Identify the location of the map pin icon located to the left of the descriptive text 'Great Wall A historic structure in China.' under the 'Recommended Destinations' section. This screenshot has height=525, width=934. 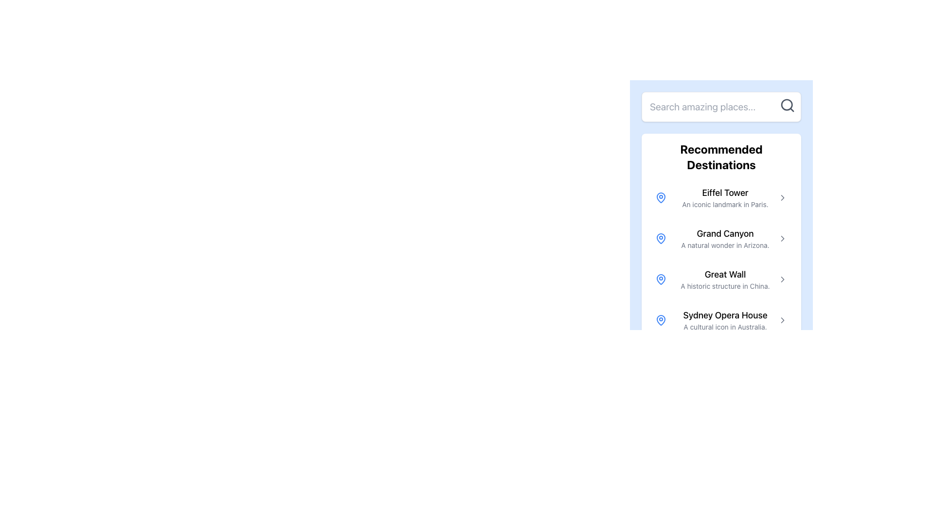
(661, 279).